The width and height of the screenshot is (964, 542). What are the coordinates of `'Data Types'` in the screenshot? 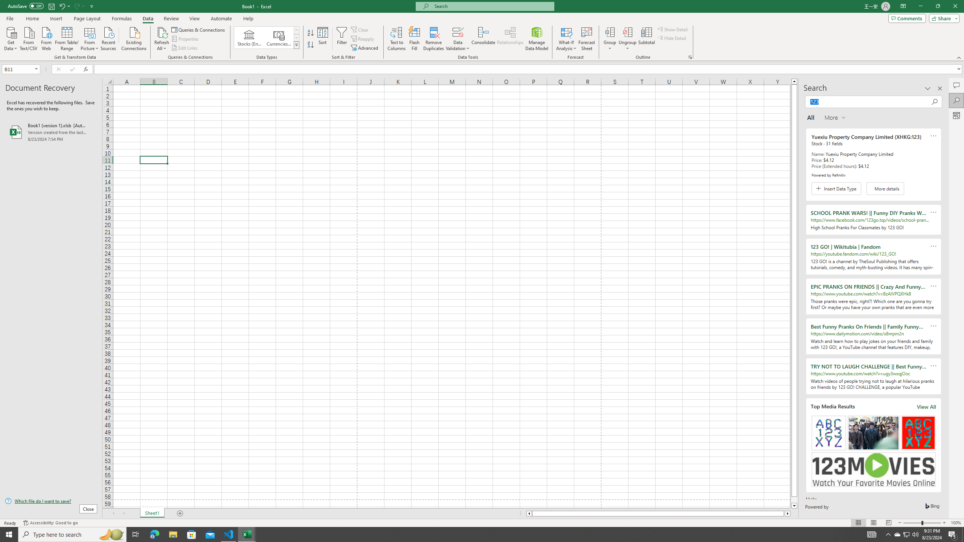 It's located at (296, 44).